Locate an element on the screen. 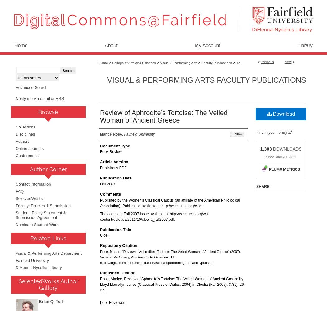 The width and height of the screenshot is (327, 311). 'Rose, Marice, "Review of Aphrodite’s Tortoise: The Veiled Woman of Ancient Greece" (2007).' is located at coordinates (170, 251).